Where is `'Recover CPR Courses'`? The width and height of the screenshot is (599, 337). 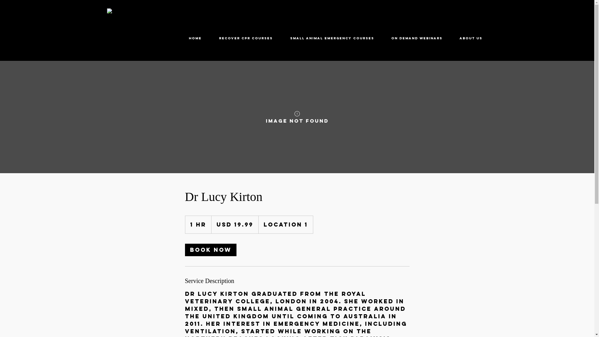 'Recover CPR Courses' is located at coordinates (245, 38).